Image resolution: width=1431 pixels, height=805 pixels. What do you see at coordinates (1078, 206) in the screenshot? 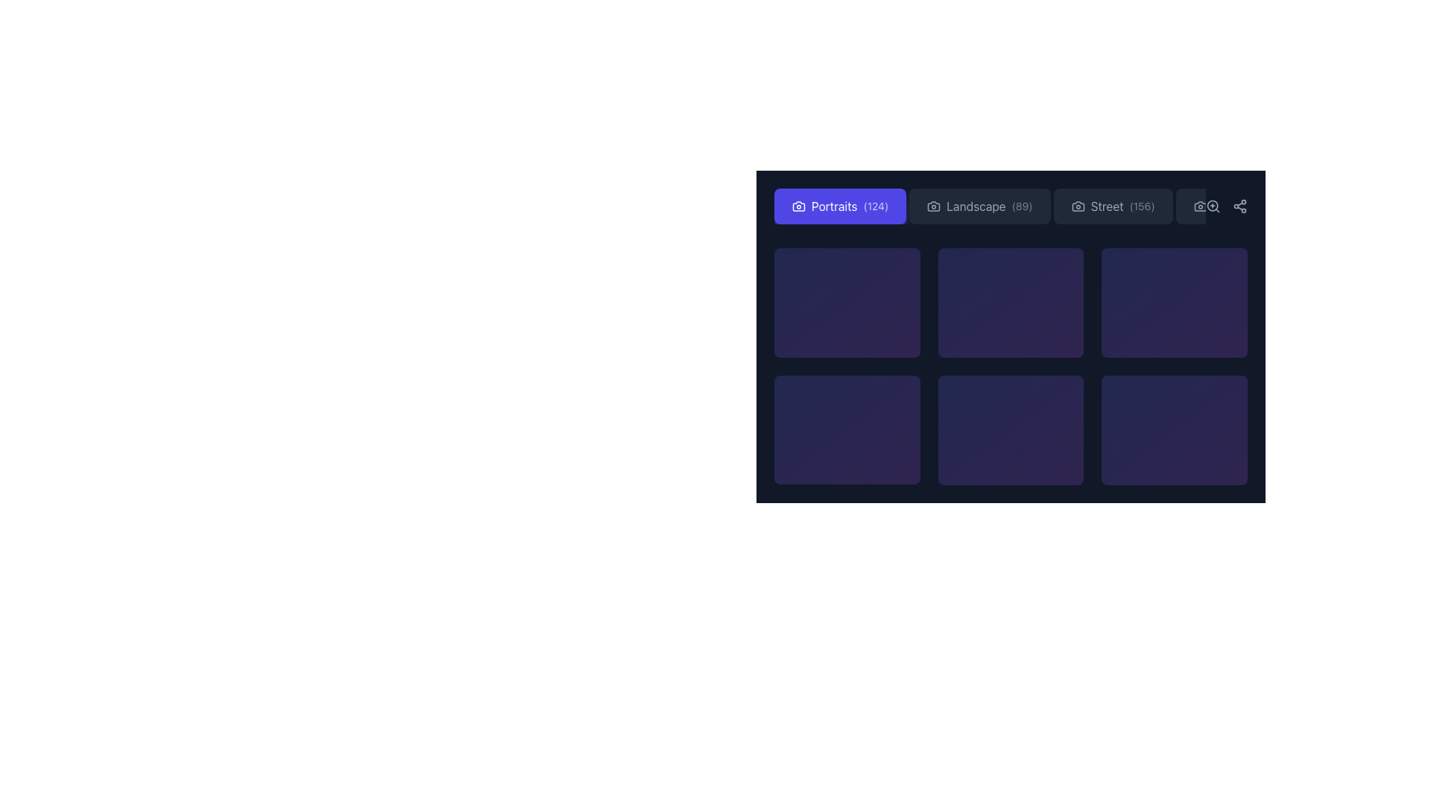
I see `the 'Street' category icon (SVG) located at the beginning of the 'Street (156)' button, which is part of the row of category buttons at the top of the interface` at bounding box center [1078, 206].